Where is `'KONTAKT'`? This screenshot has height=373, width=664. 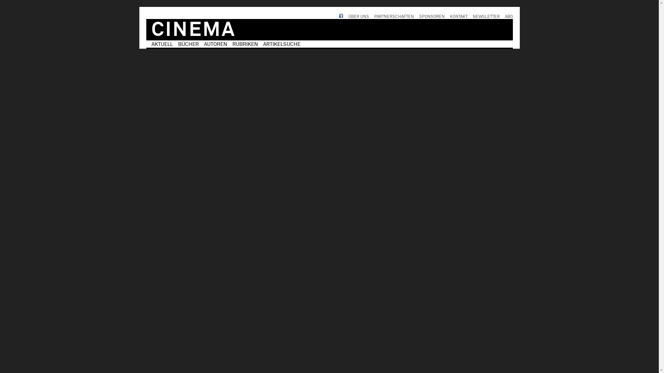
'KONTAKT' is located at coordinates (458, 17).